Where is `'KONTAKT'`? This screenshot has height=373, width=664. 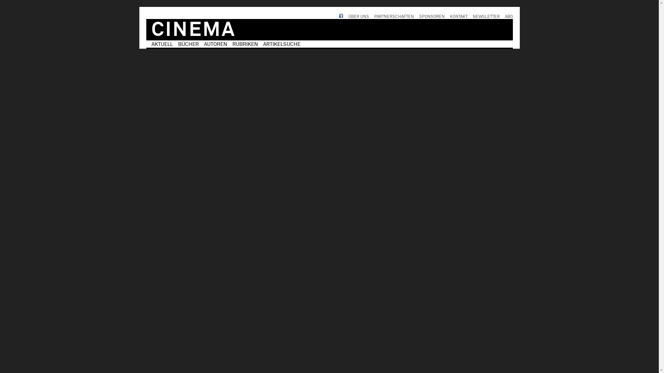
'KONTAKT' is located at coordinates (458, 17).